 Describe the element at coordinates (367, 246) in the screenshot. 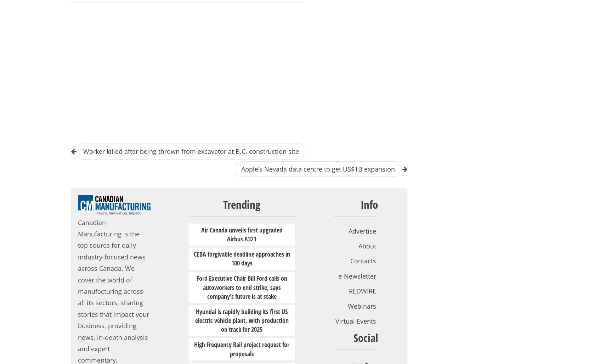

I see `'About'` at that location.